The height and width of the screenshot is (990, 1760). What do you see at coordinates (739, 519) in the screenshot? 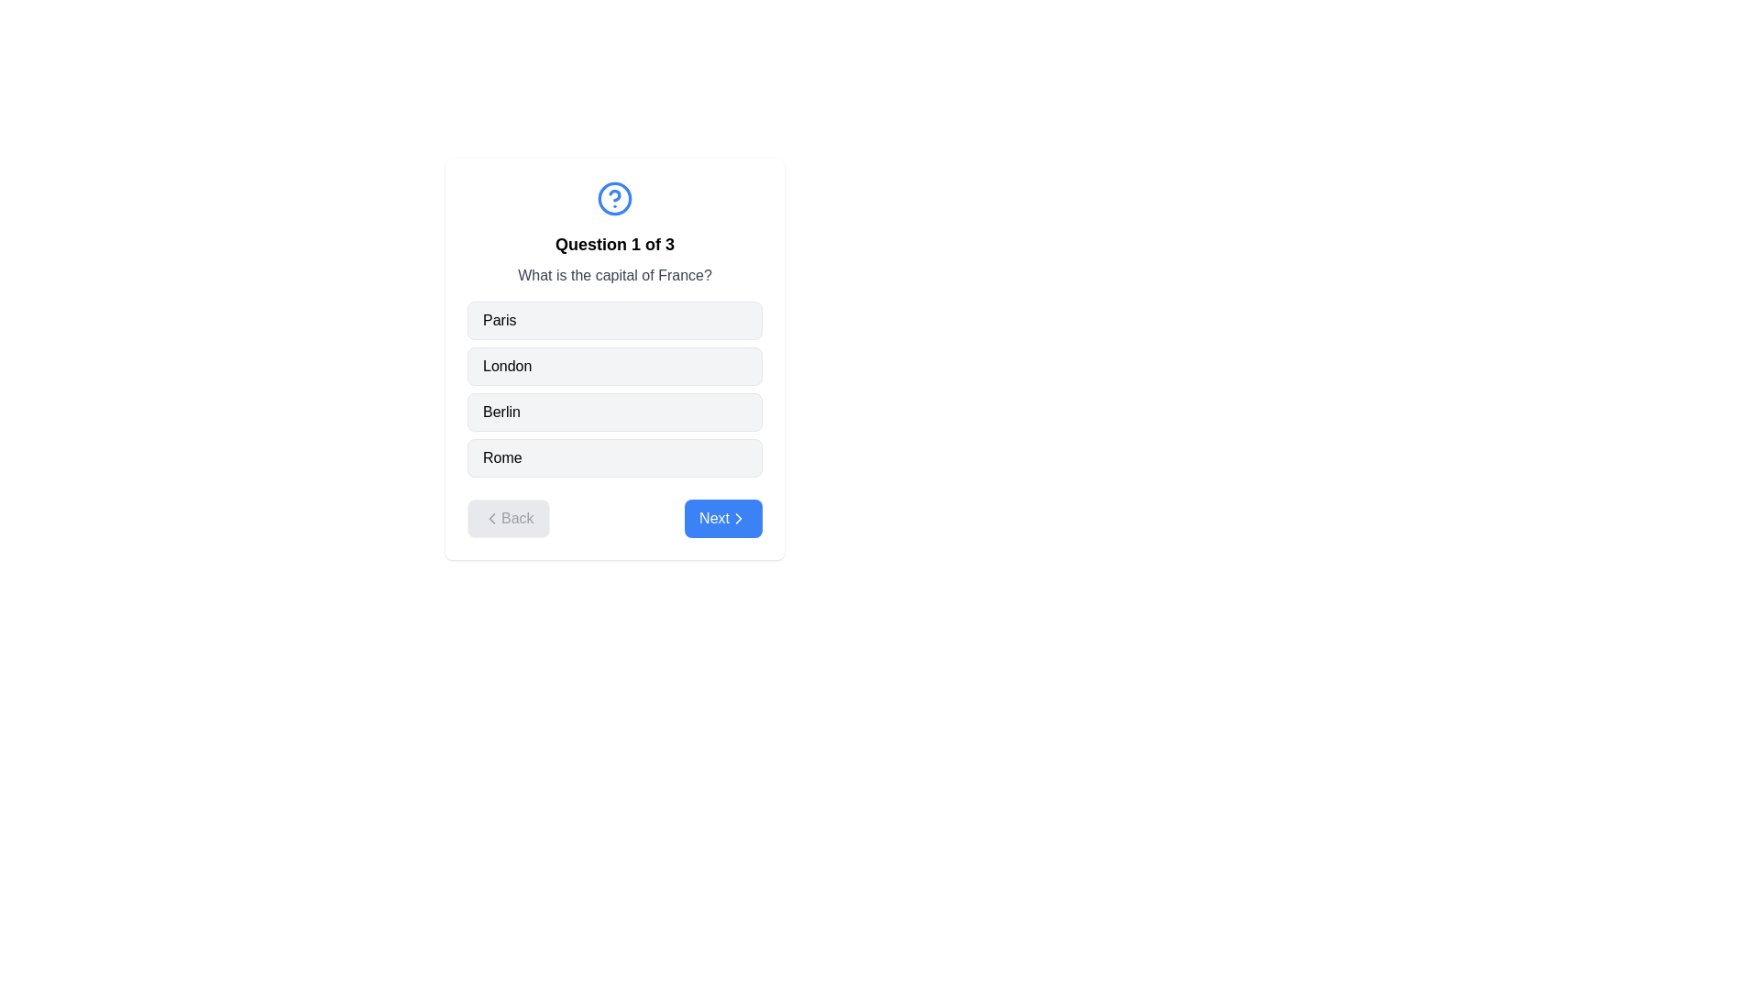
I see `the right-facing chevron icon within the 'Next' button, which has a blue background and white text, to receive interactive feedback` at bounding box center [739, 519].